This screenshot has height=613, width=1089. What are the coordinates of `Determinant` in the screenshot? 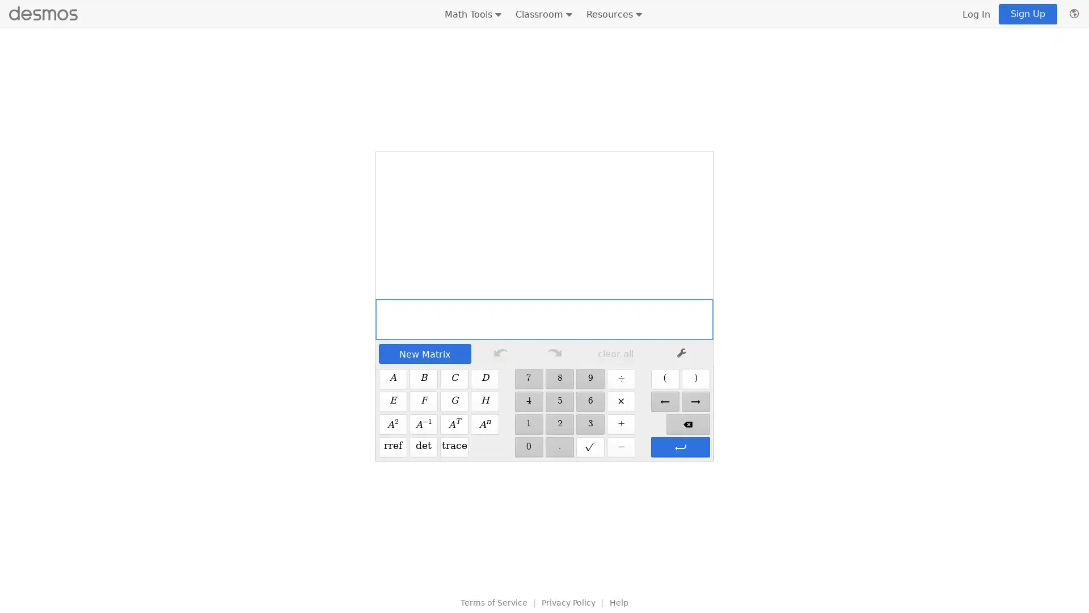 It's located at (423, 446).